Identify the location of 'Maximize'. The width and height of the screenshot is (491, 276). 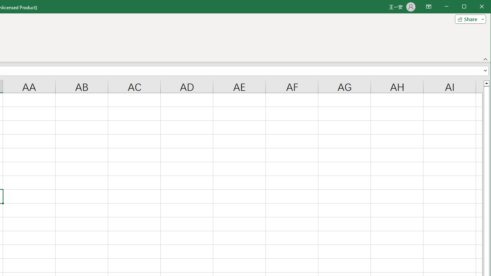
(475, 7).